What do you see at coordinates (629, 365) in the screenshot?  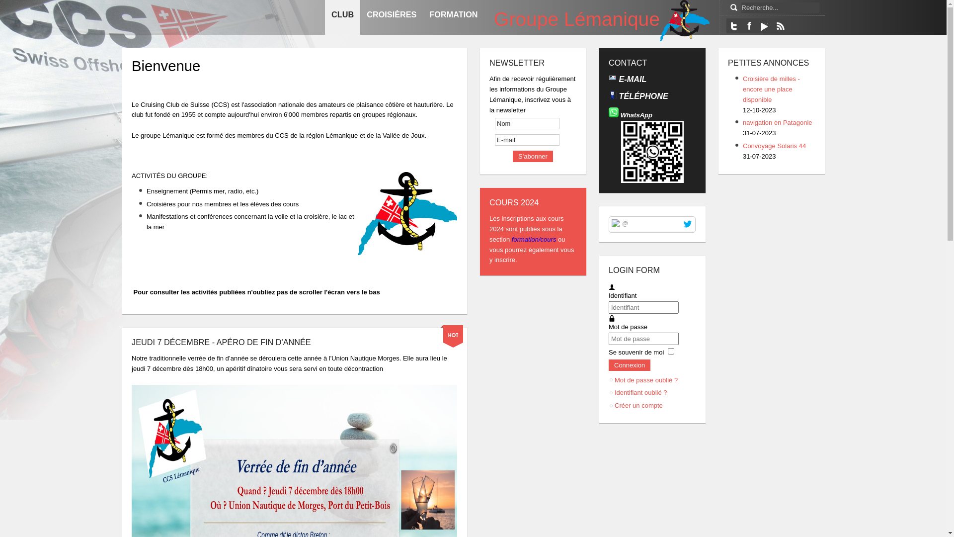 I see `'Connexion'` at bounding box center [629, 365].